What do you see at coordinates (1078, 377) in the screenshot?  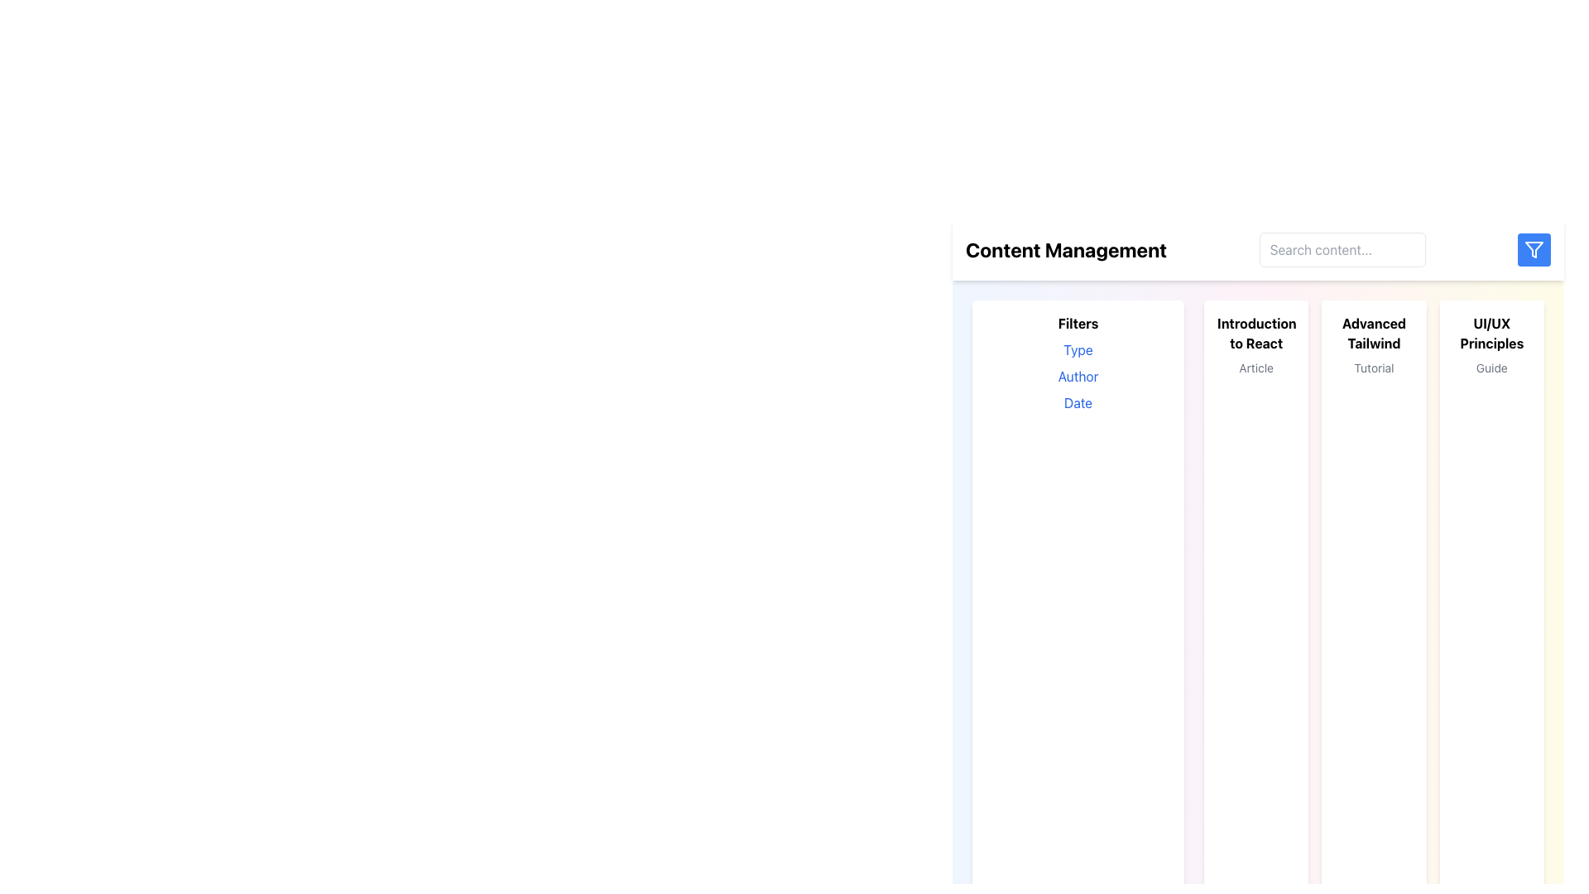 I see `the 'Author' text label, which is a blue sans-serif font label located under the 'Filters' section, directly below 'Type'` at bounding box center [1078, 377].